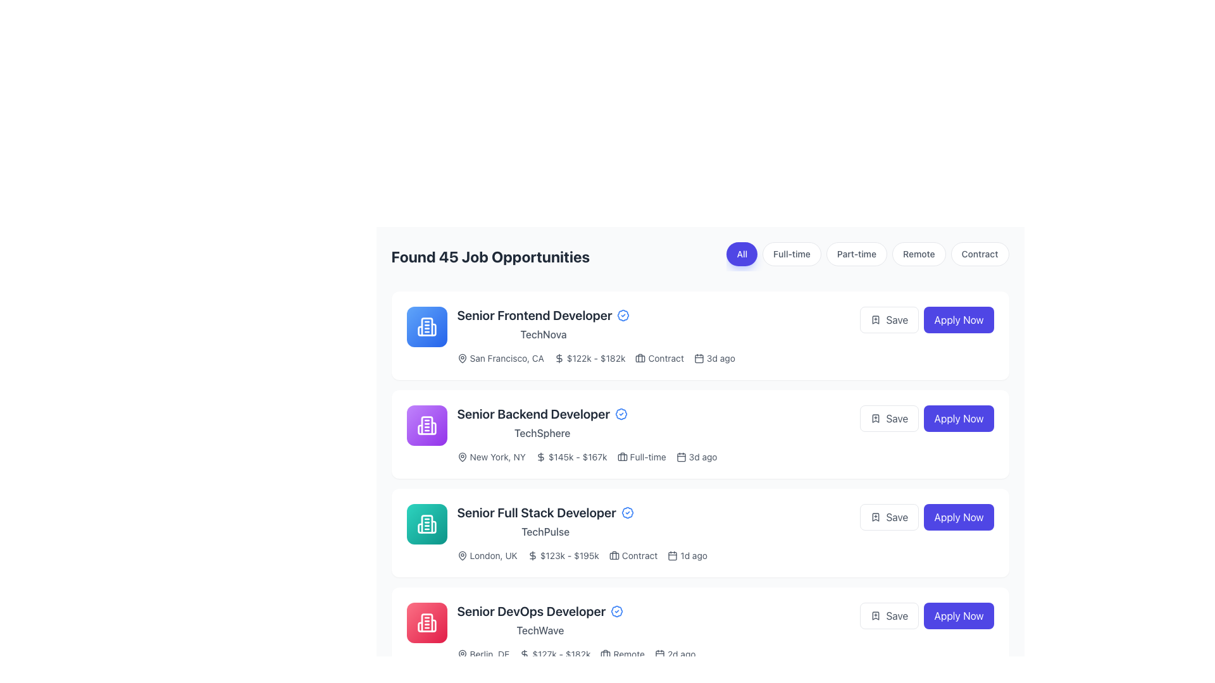 The image size is (1215, 683). What do you see at coordinates (622, 457) in the screenshot?
I see `the briefcase icon associated with the second job listing titled 'Senior Backend Developer', which is located to the left of the 'Full-time' label` at bounding box center [622, 457].